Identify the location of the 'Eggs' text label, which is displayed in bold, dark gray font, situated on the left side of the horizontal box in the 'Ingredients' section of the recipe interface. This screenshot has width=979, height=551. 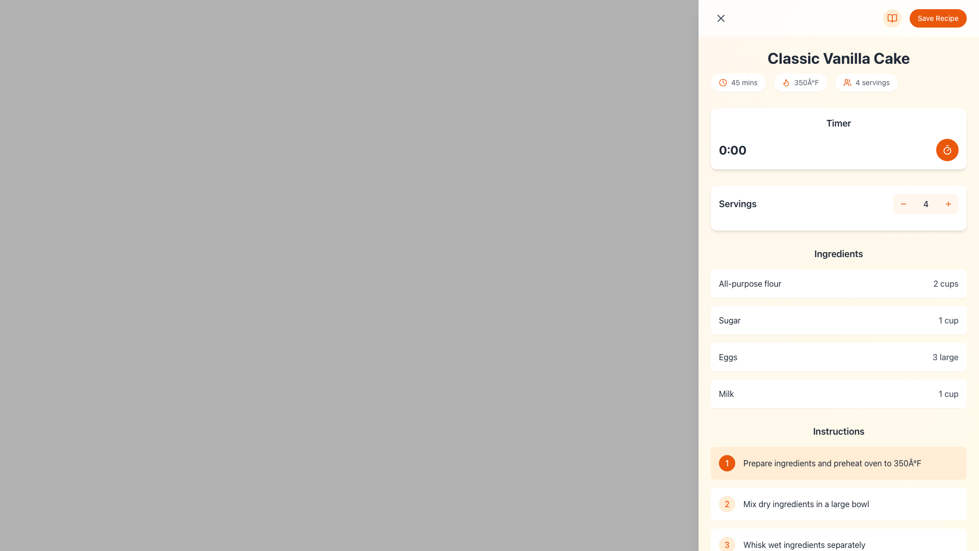
(728, 356).